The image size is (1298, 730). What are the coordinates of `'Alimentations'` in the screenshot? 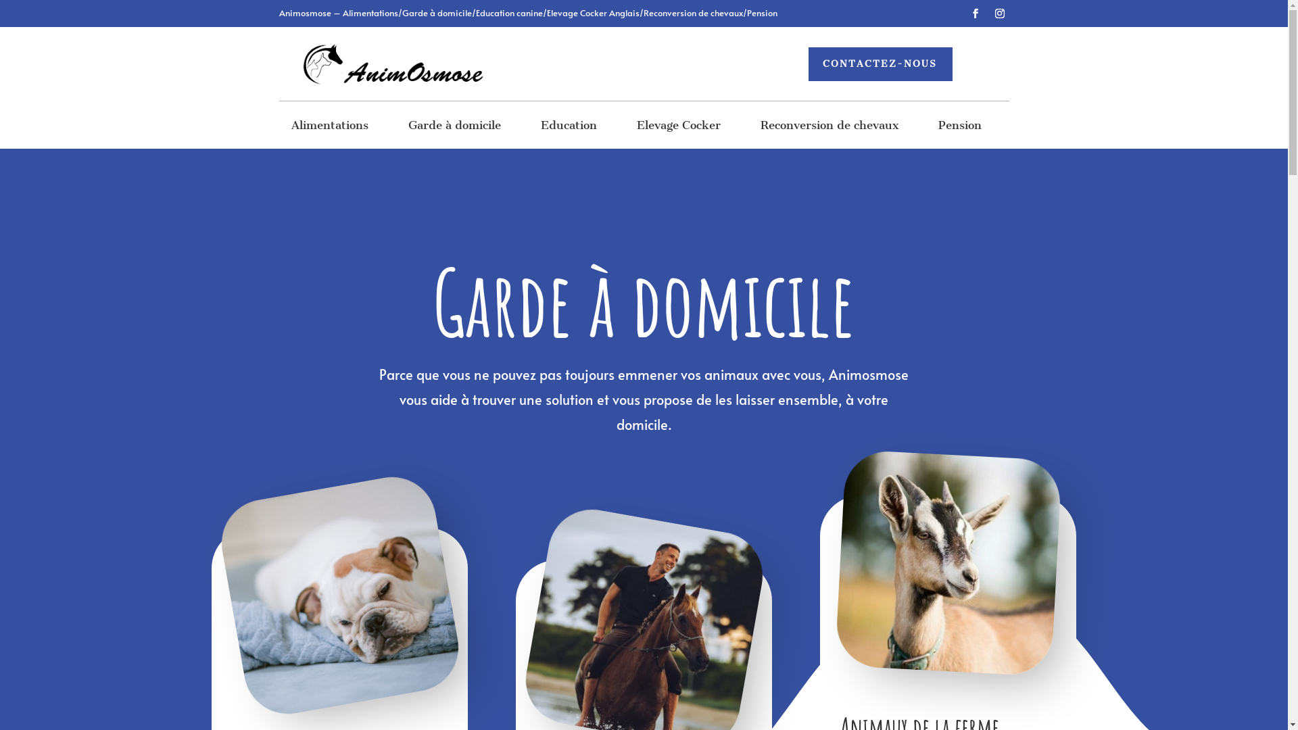 It's located at (330, 128).